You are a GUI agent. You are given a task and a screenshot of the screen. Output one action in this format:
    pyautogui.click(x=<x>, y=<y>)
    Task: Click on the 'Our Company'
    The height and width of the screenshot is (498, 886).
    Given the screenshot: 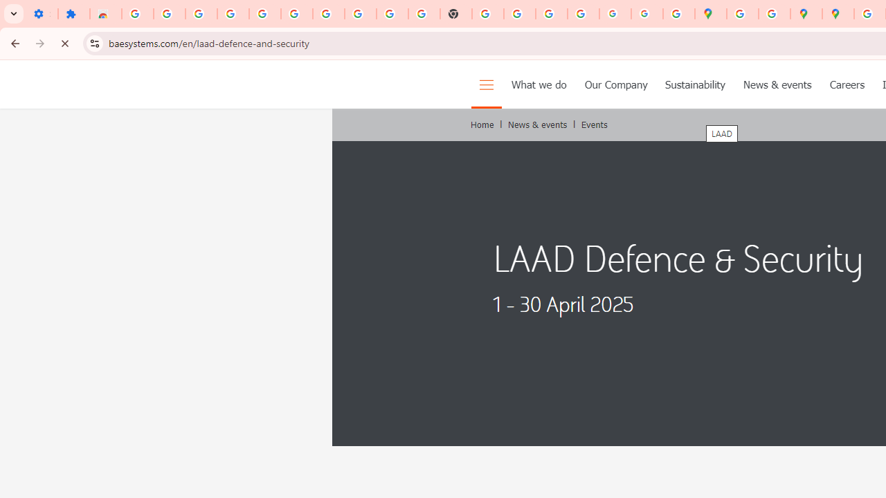 What is the action you would take?
    pyautogui.click(x=615, y=84)
    